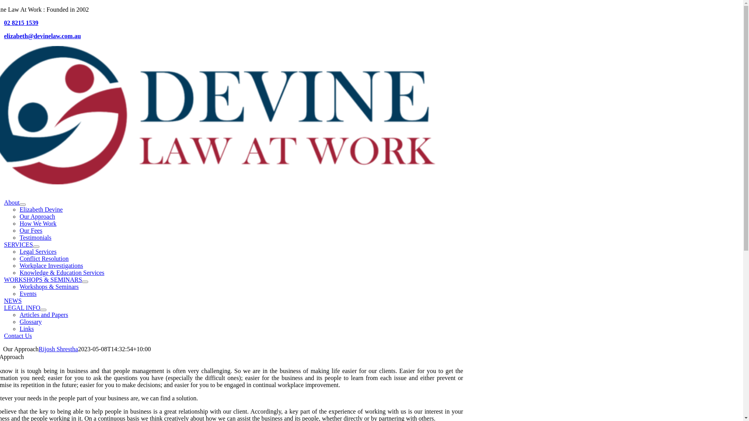  Describe the element at coordinates (48, 287) in the screenshot. I see `'Workshops & Seminars'` at that location.